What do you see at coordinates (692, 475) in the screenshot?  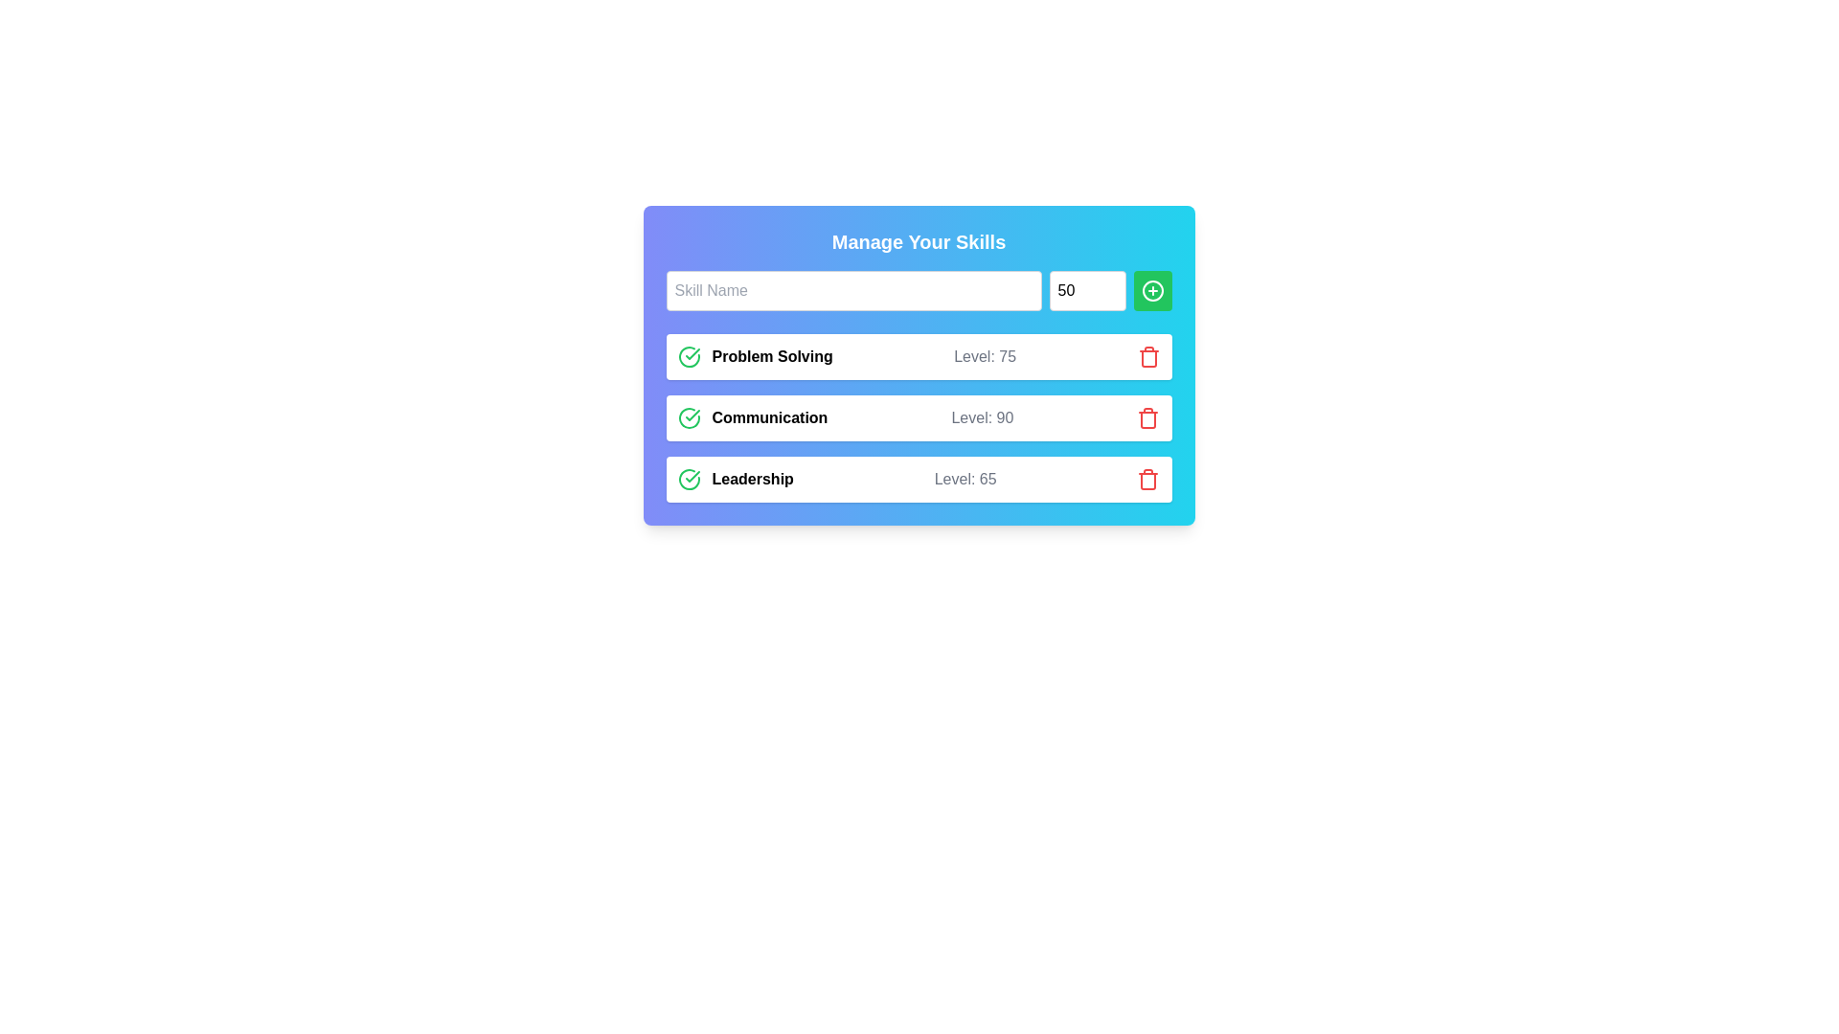 I see `the status of the smaller checkmark shape within the green checkmark icon indicating that a skill item is active or approved` at bounding box center [692, 475].